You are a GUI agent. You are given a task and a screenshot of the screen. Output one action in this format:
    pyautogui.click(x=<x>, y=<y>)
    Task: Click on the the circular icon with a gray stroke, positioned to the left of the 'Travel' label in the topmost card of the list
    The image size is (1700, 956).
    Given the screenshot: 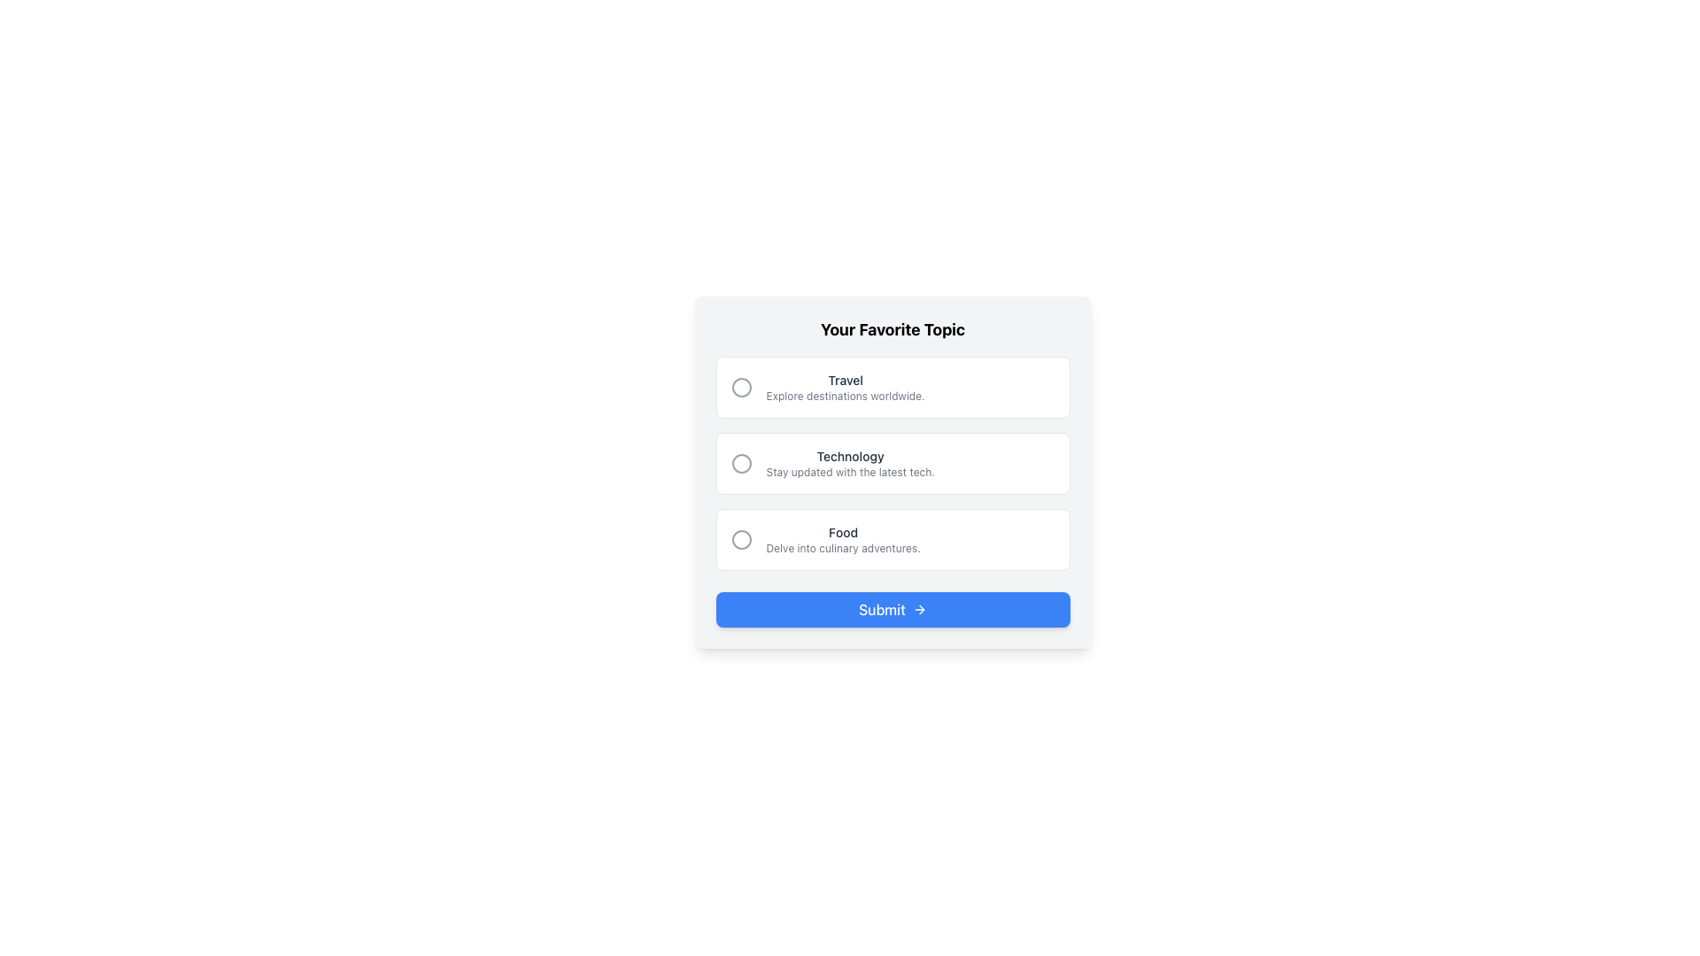 What is the action you would take?
    pyautogui.click(x=741, y=387)
    